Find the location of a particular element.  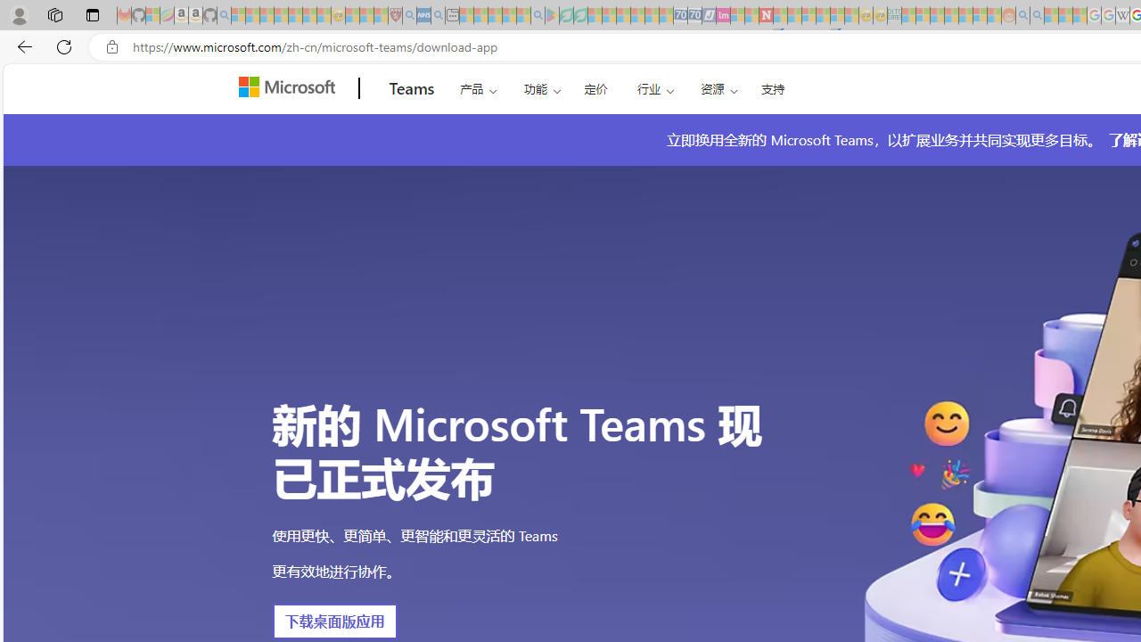

'Teams' is located at coordinates (411, 88).